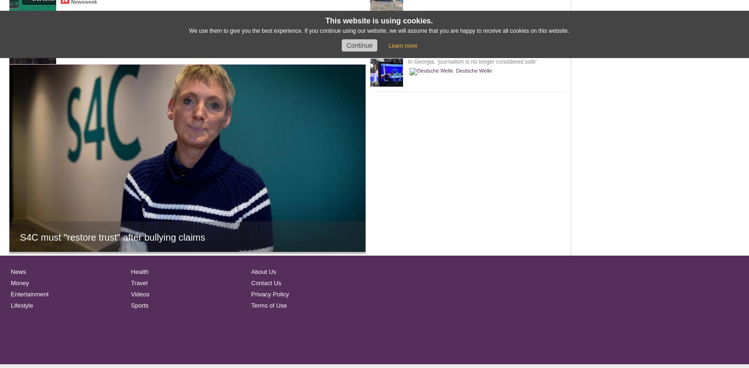  I want to click on 'Hear air traffic controller's stunned reaction to C-17 flight load as it leaves Afghanistan', so click(407, 27).